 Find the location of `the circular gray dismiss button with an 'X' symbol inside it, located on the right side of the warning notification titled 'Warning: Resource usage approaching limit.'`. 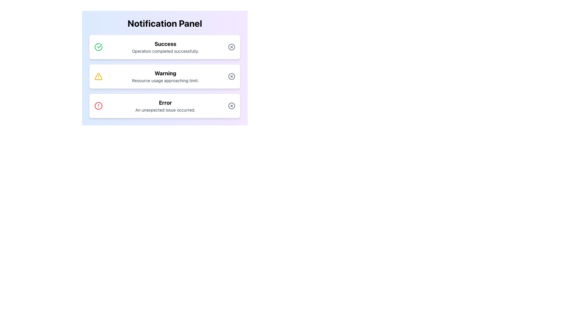

the circular gray dismiss button with an 'X' symbol inside it, located on the right side of the warning notification titled 'Warning: Resource usage approaching limit.' is located at coordinates (231, 76).